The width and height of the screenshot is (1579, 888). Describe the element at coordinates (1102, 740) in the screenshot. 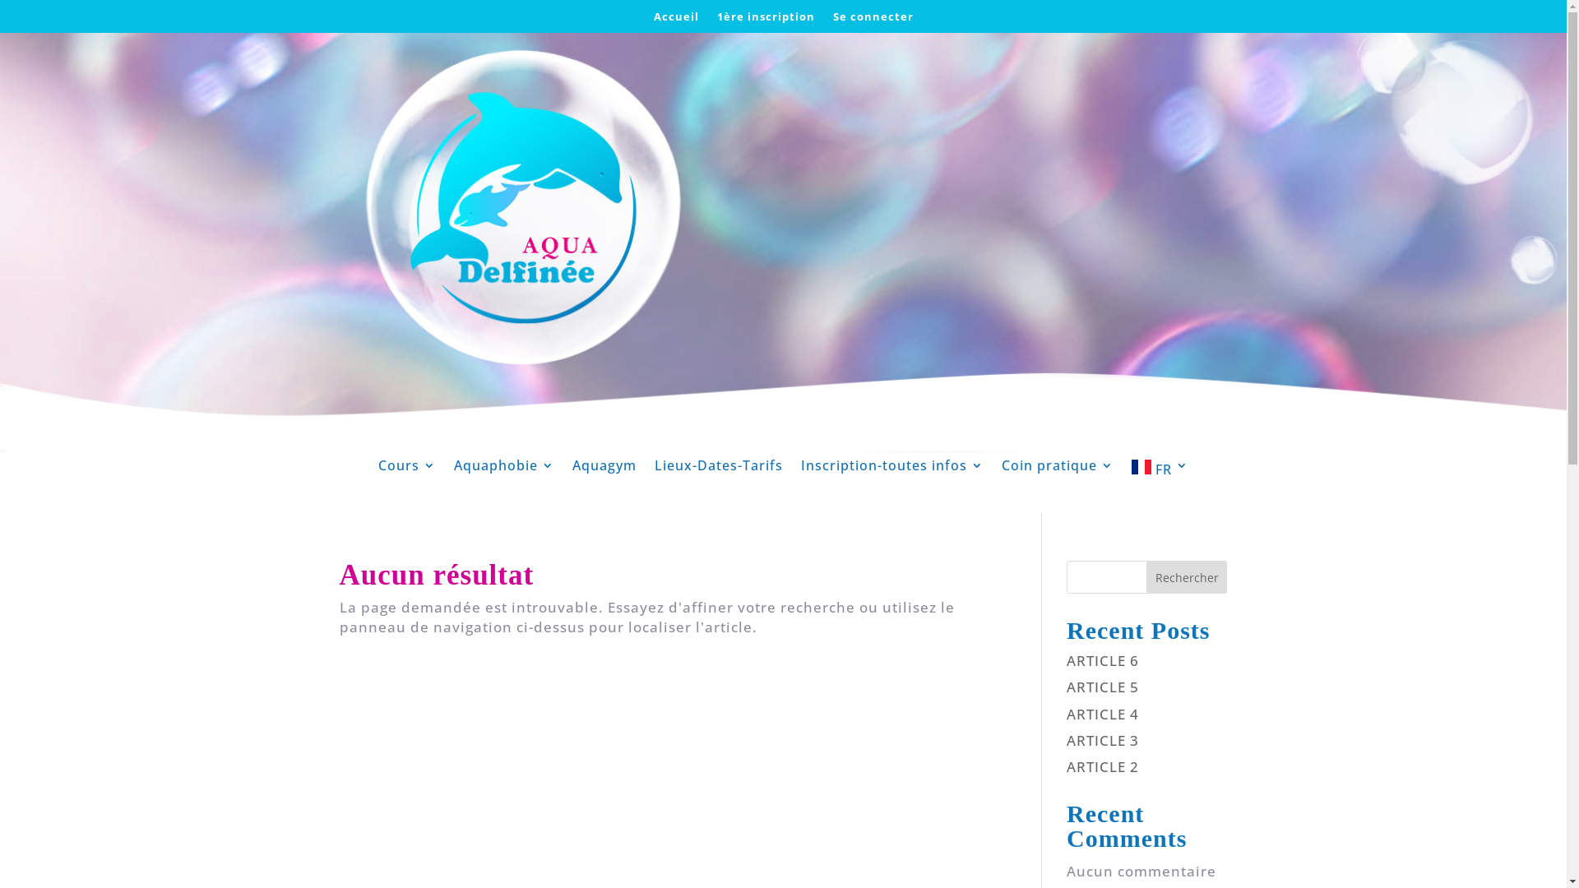

I see `'ARTICLE 3'` at that location.